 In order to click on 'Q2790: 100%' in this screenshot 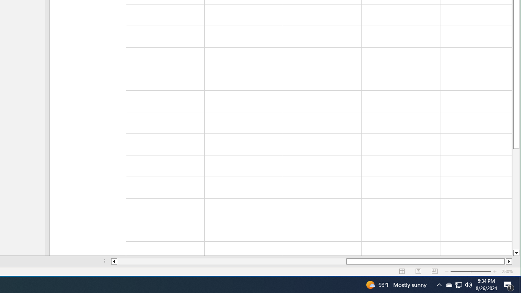, I will do `click(448, 284)`.